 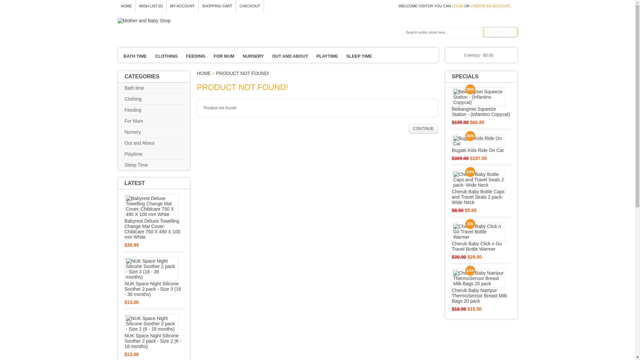 I want to click on 'CHECKOUT', so click(x=249, y=6).